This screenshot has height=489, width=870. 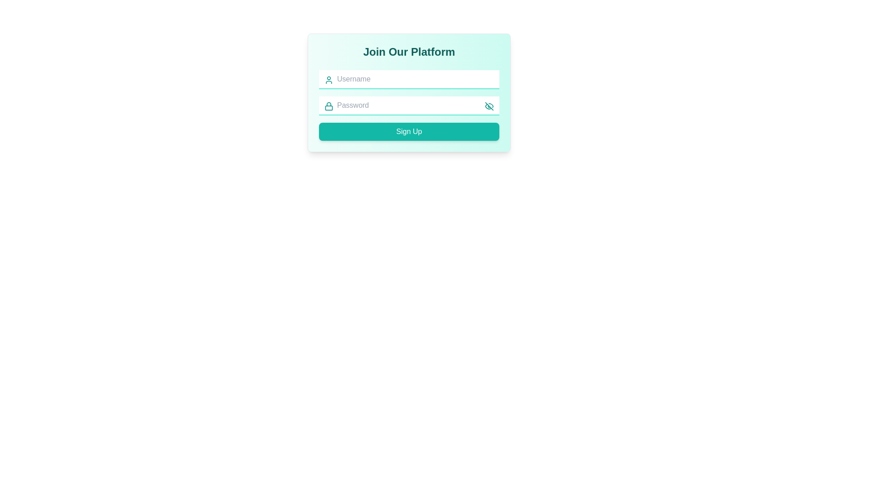 I want to click on the 'eye-off' button inside the password input field, so click(x=489, y=106).